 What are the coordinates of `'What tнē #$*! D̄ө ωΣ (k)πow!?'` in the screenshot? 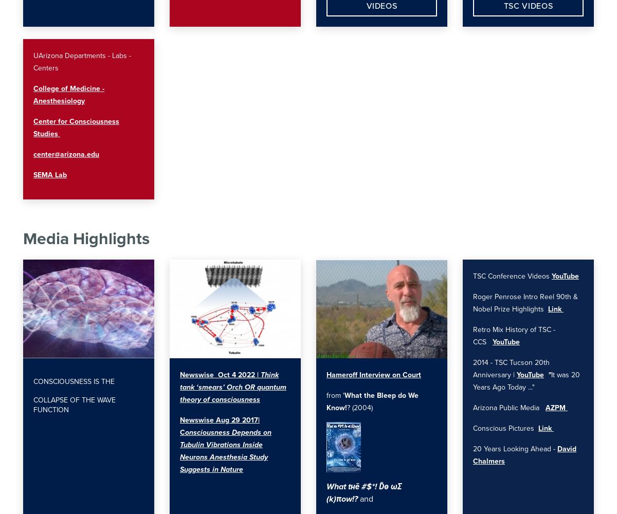 It's located at (364, 492).